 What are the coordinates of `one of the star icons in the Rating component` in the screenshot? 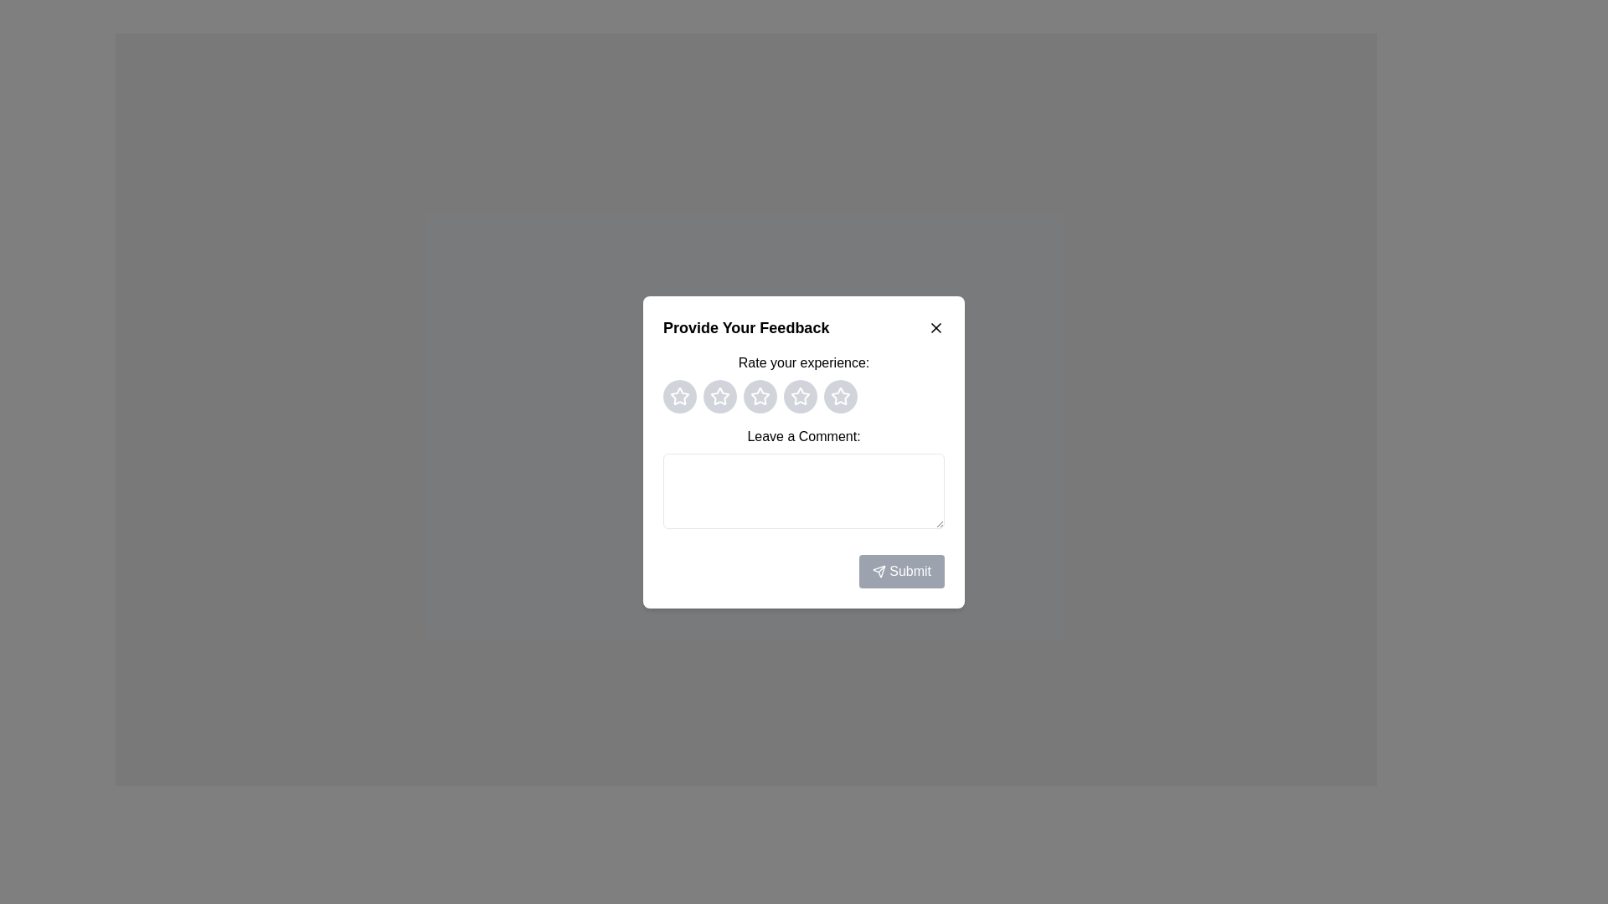 It's located at (804, 383).